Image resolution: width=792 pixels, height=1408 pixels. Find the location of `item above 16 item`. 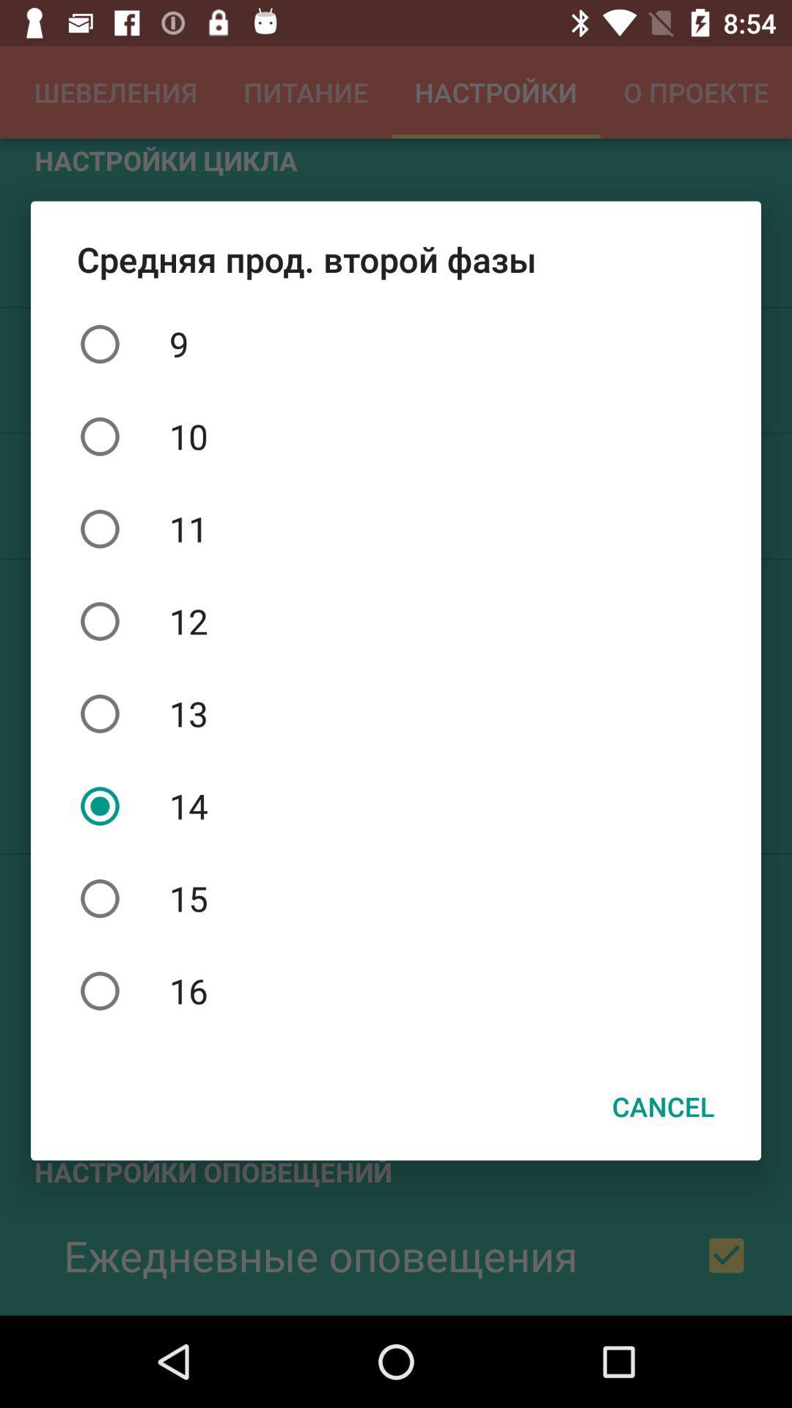

item above 16 item is located at coordinates (396, 898).